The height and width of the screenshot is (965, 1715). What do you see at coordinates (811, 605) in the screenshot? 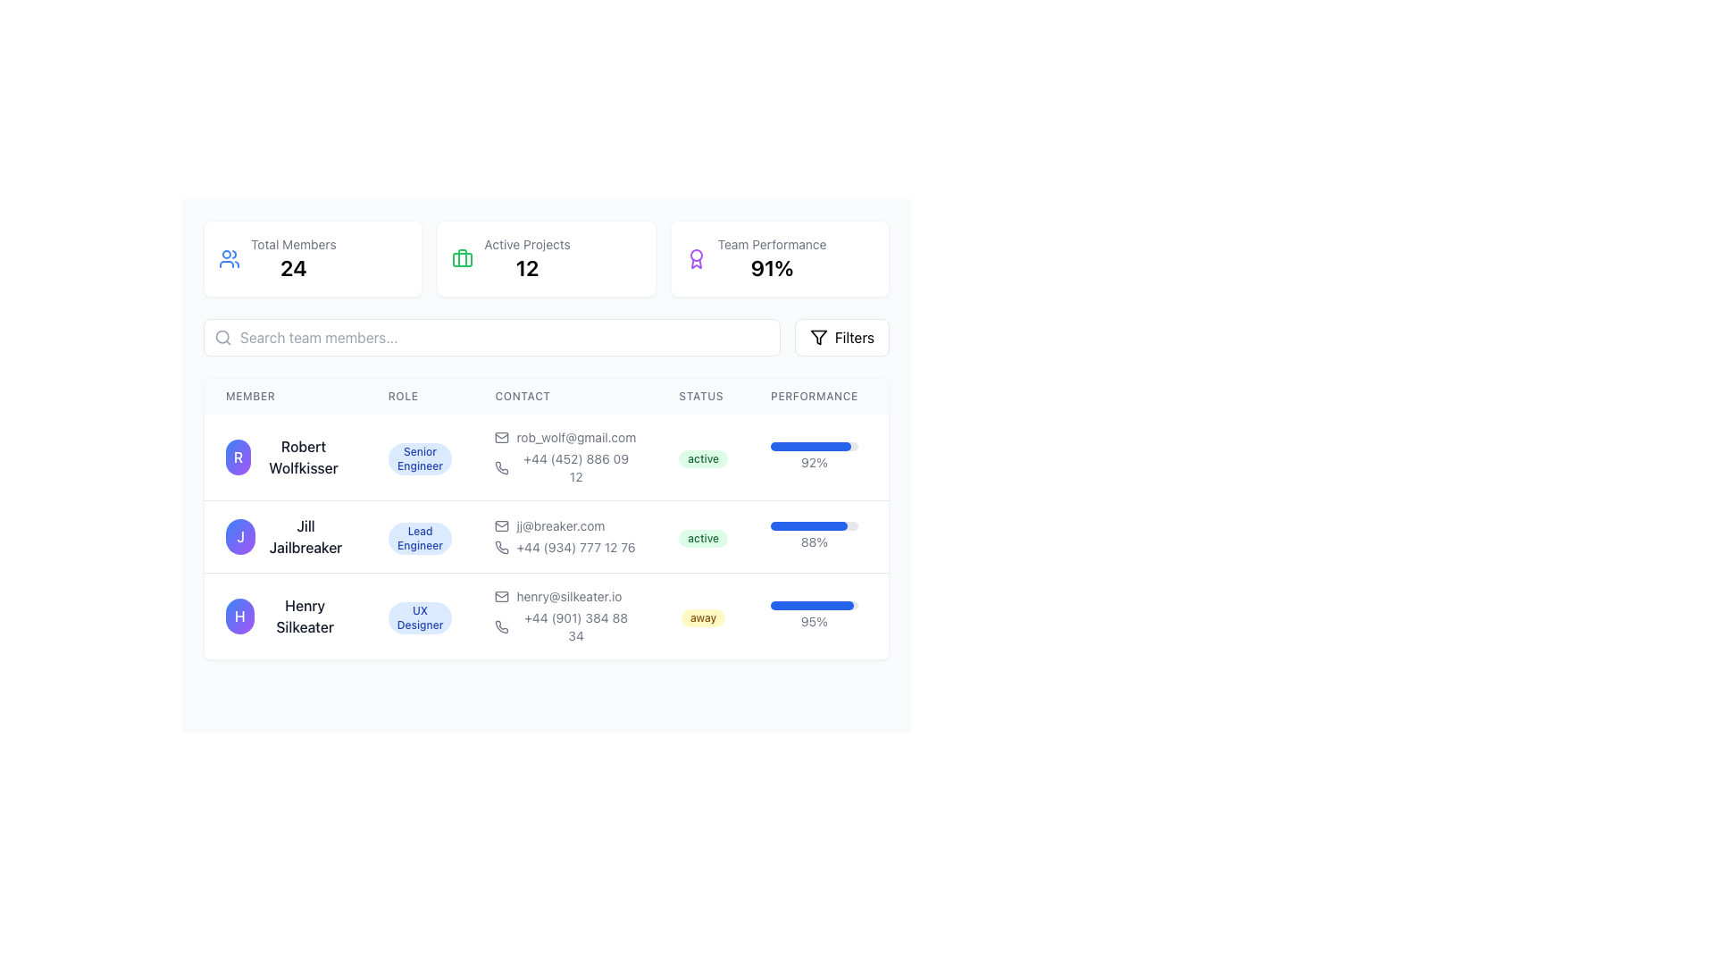
I see `the filled portion of the blue progress bar in the 'Performance' column of the third row associated with 'Henry Silkeater'` at bounding box center [811, 605].